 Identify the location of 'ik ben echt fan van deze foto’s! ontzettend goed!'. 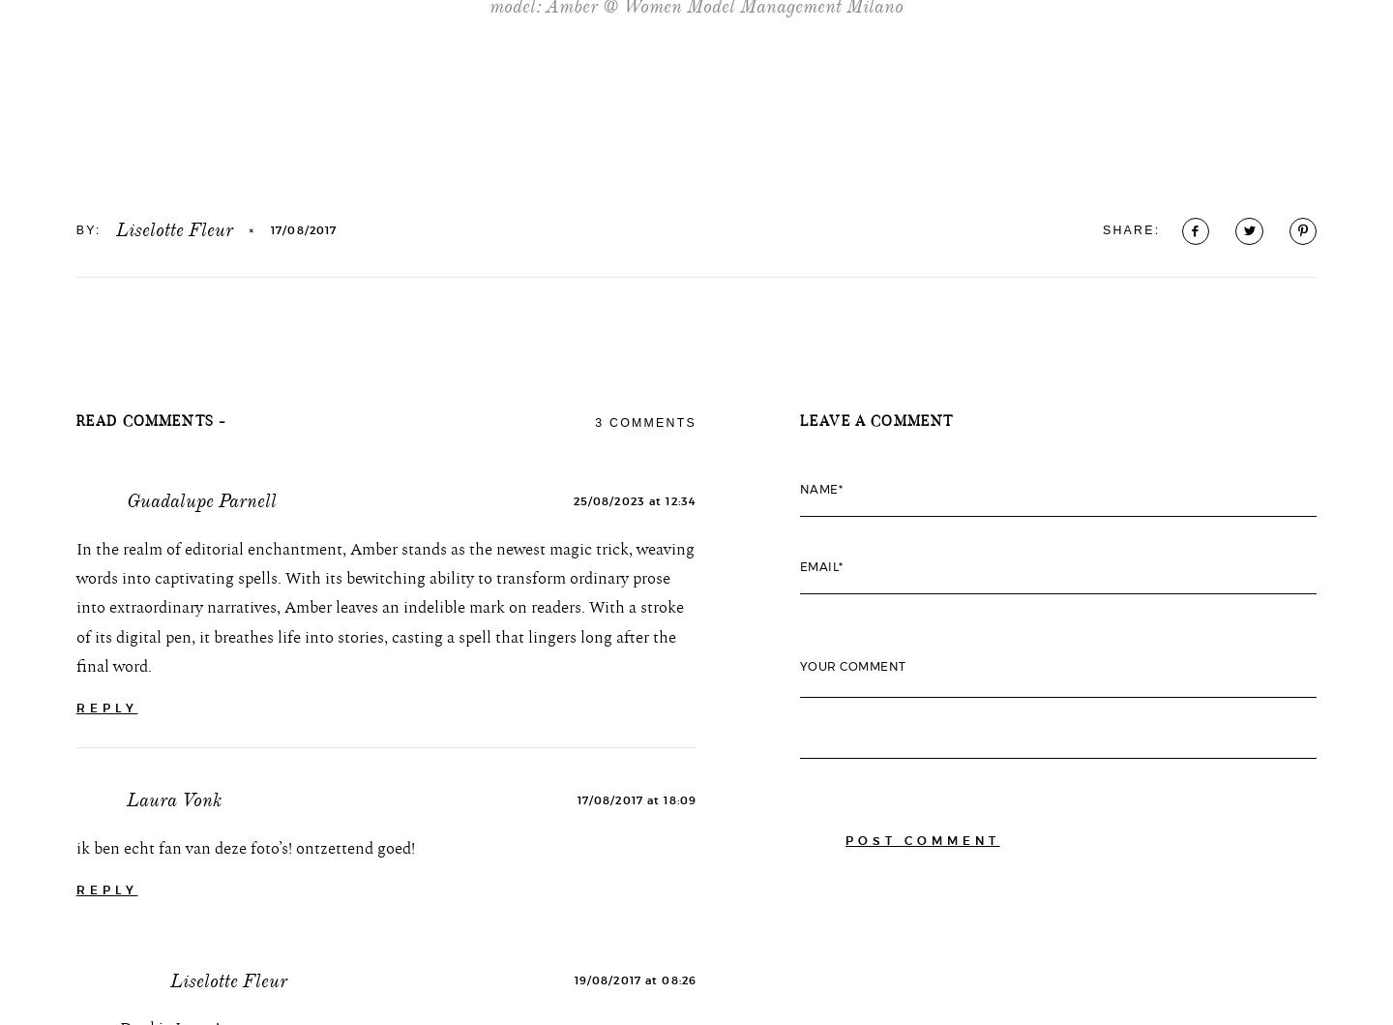
(244, 978).